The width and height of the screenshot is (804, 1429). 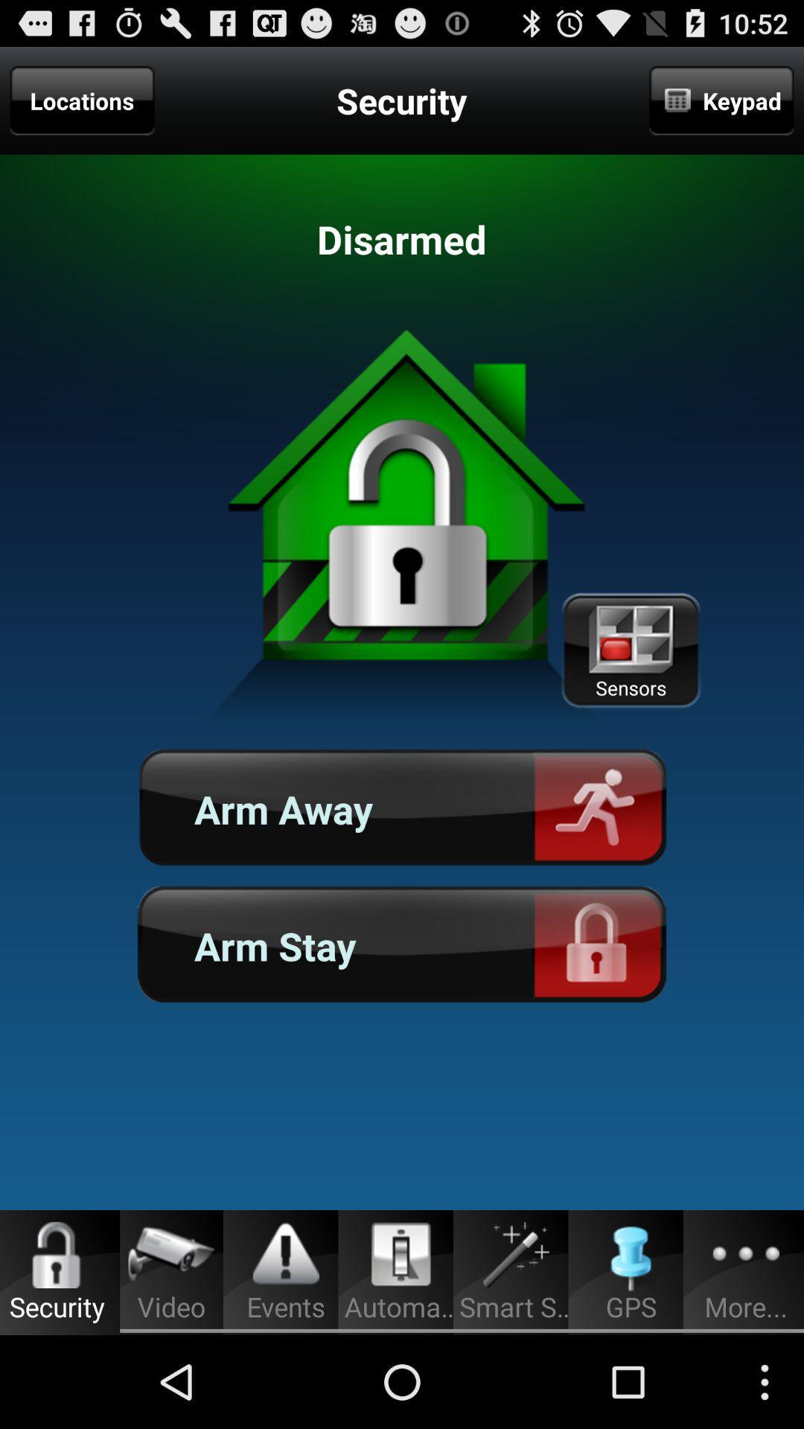 What do you see at coordinates (631, 1256) in the screenshot?
I see `the gps icon in the bottom` at bounding box center [631, 1256].